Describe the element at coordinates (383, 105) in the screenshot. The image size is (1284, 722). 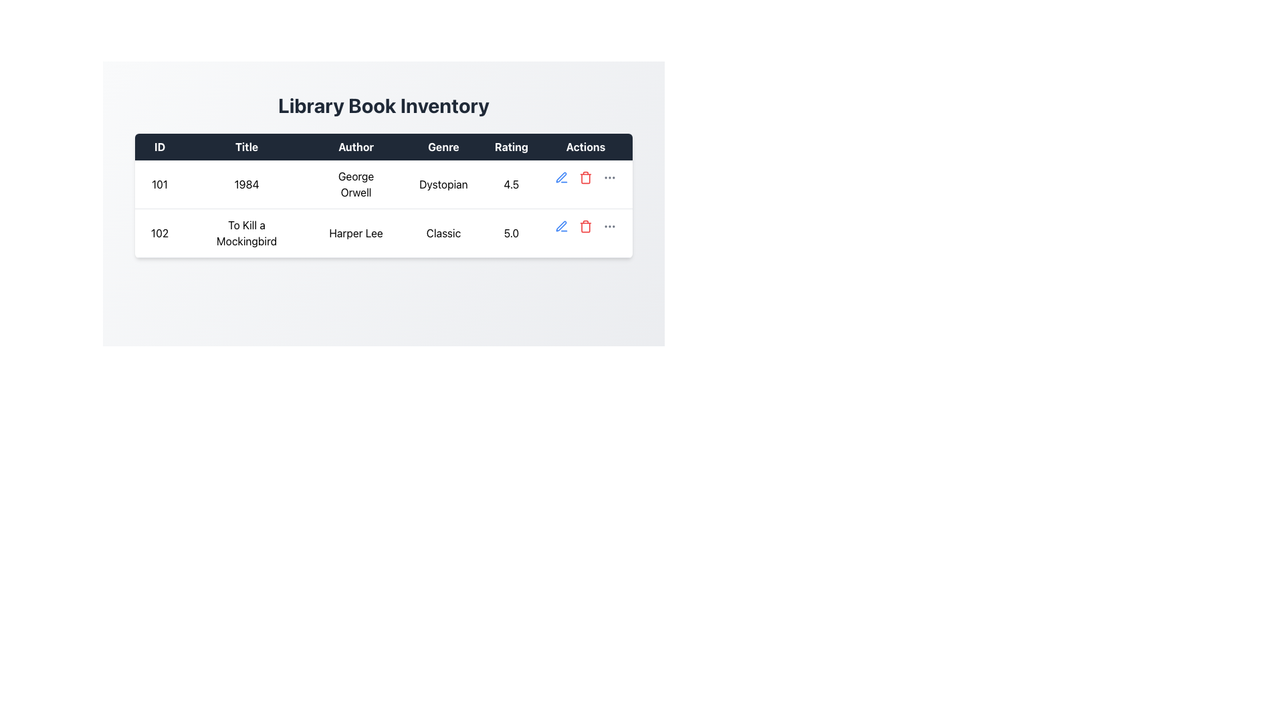
I see `static text element displaying 'Library Book Inventory' located at the top center of the interface above the book details table` at that location.